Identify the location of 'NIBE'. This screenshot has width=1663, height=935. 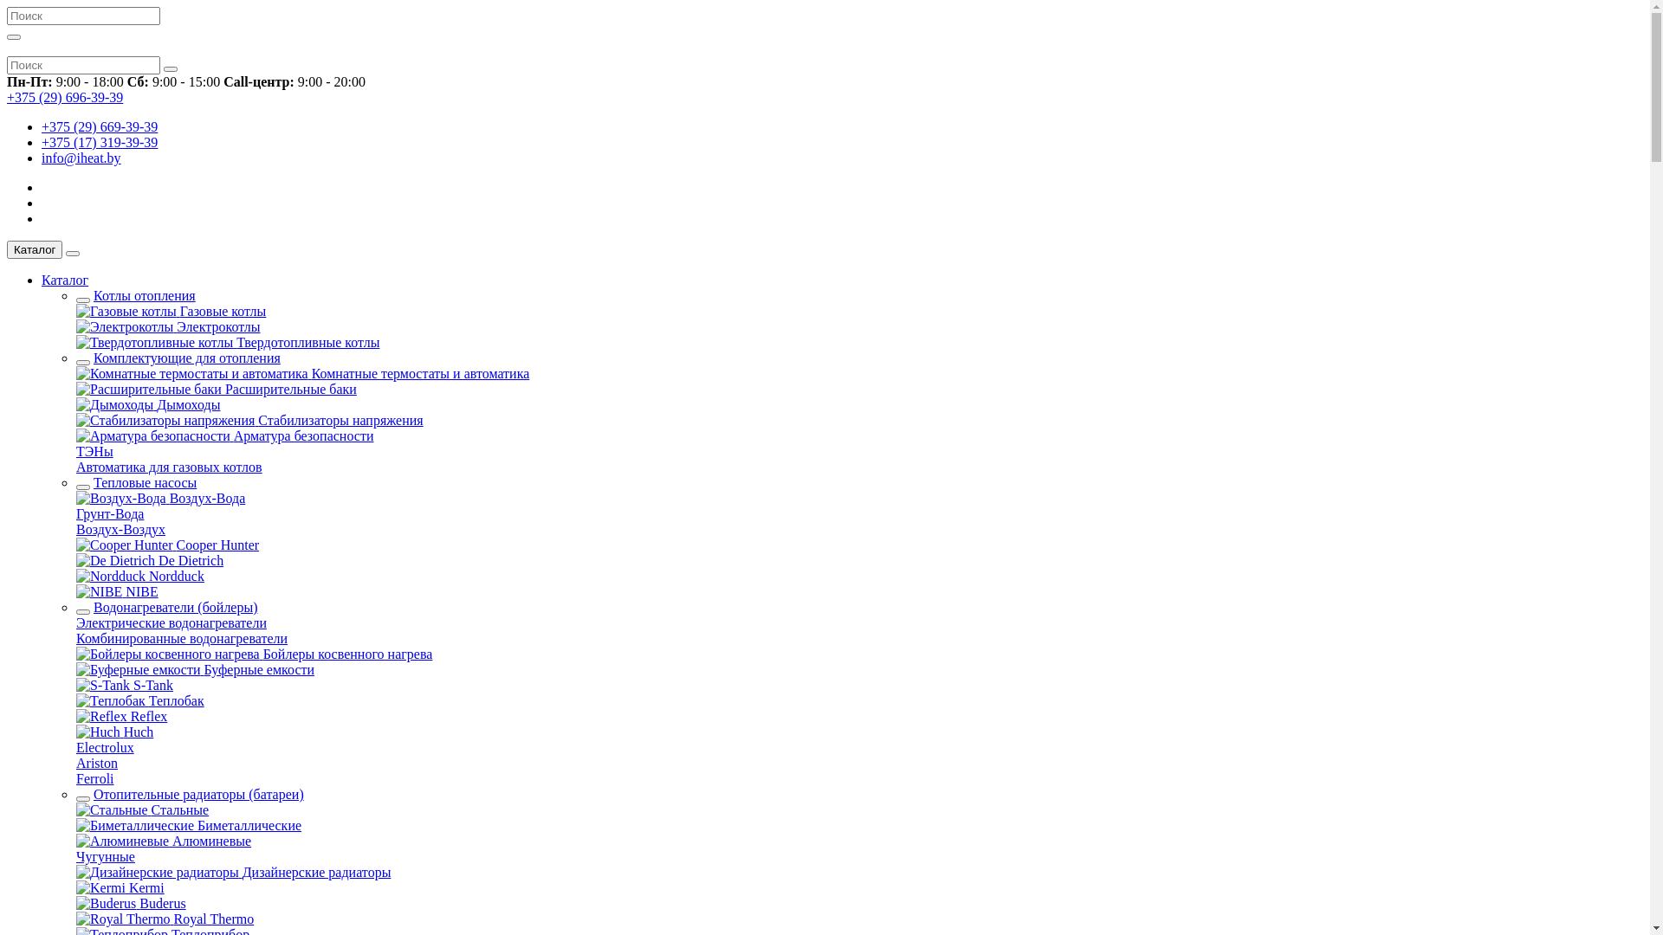
(74, 590).